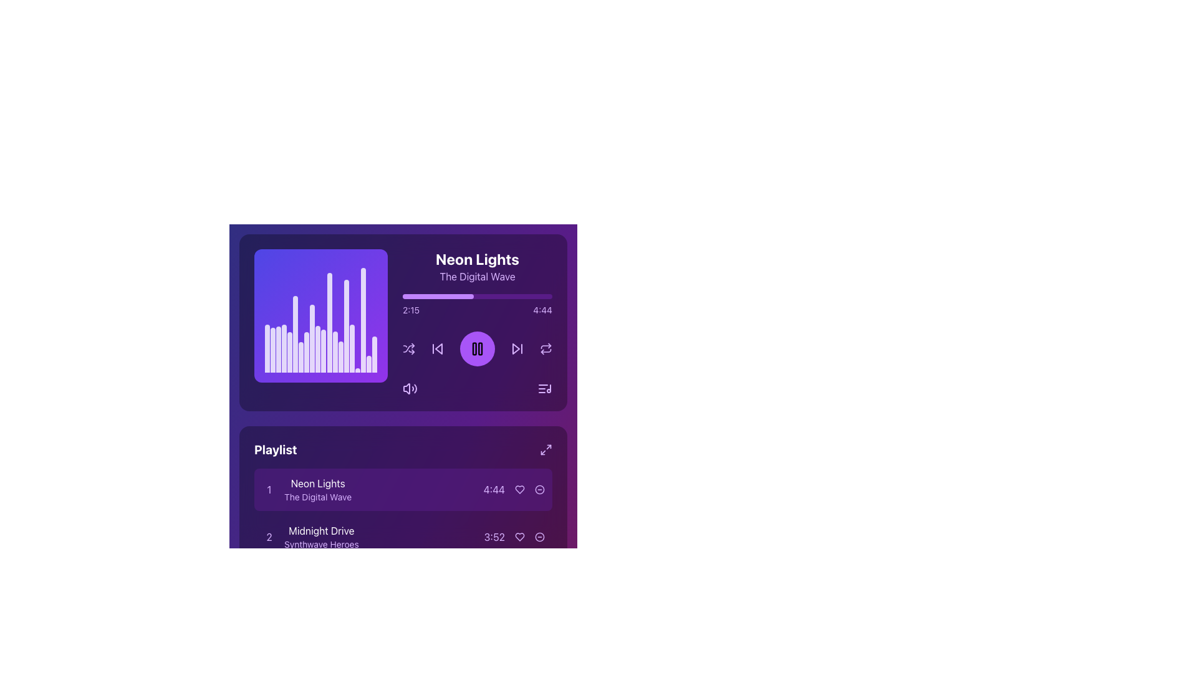 This screenshot has width=1197, height=673. What do you see at coordinates (522, 296) in the screenshot?
I see `the progress` at bounding box center [522, 296].